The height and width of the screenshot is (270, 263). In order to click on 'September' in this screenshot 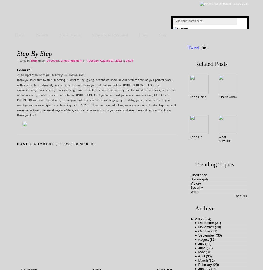, I will do `click(206, 235)`.